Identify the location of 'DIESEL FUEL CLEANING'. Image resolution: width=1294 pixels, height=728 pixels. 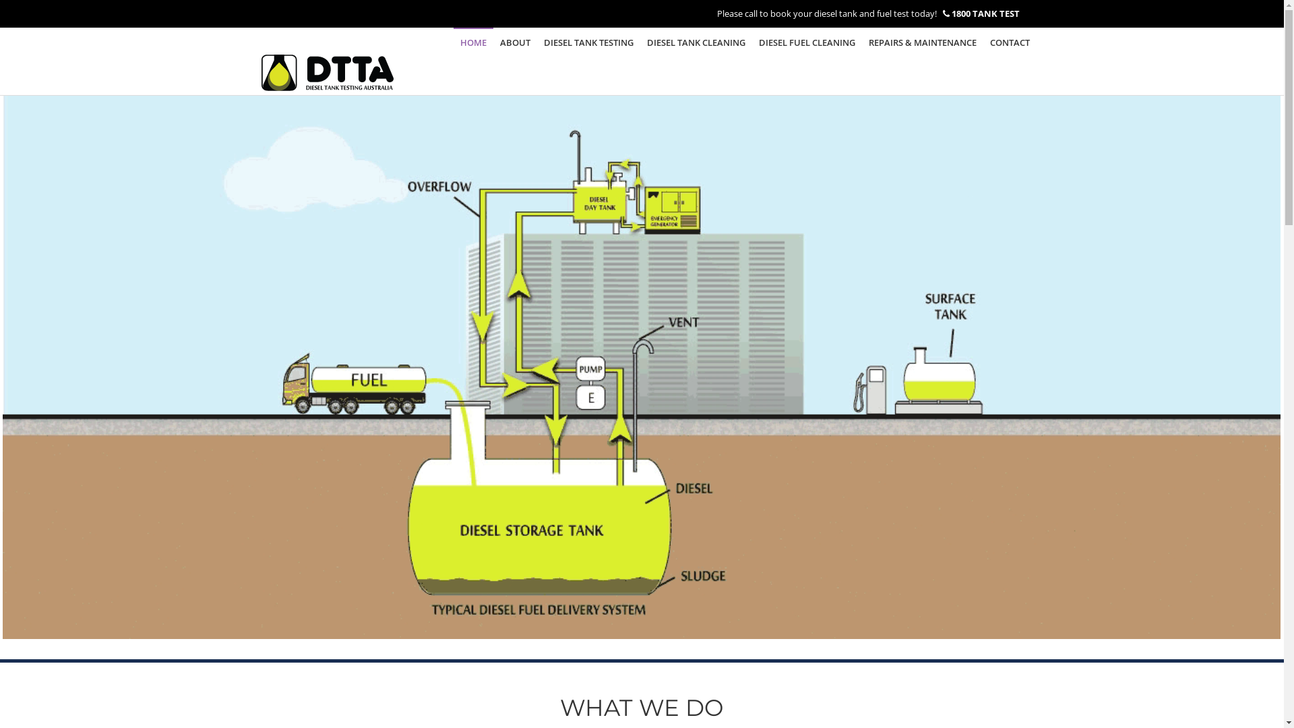
(807, 41).